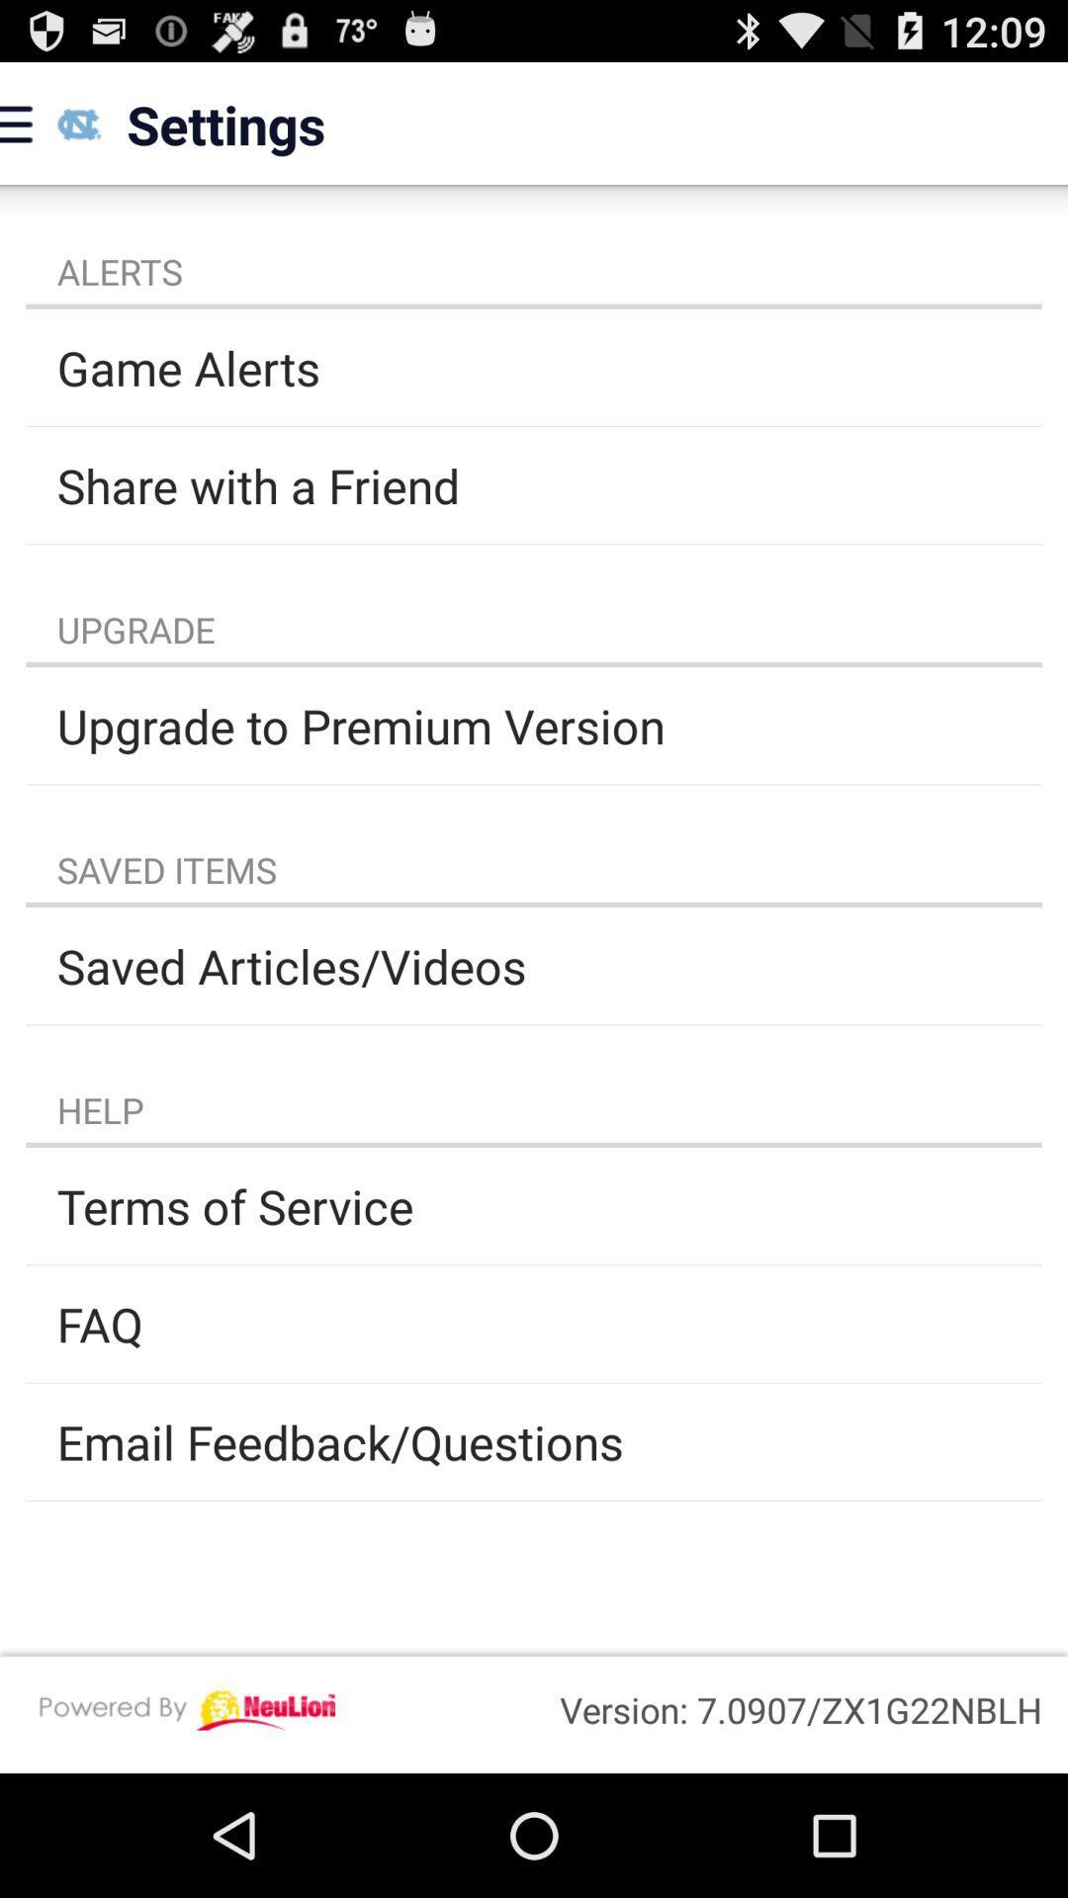 The height and width of the screenshot is (1898, 1068). I want to click on terms of service app, so click(534, 1205).